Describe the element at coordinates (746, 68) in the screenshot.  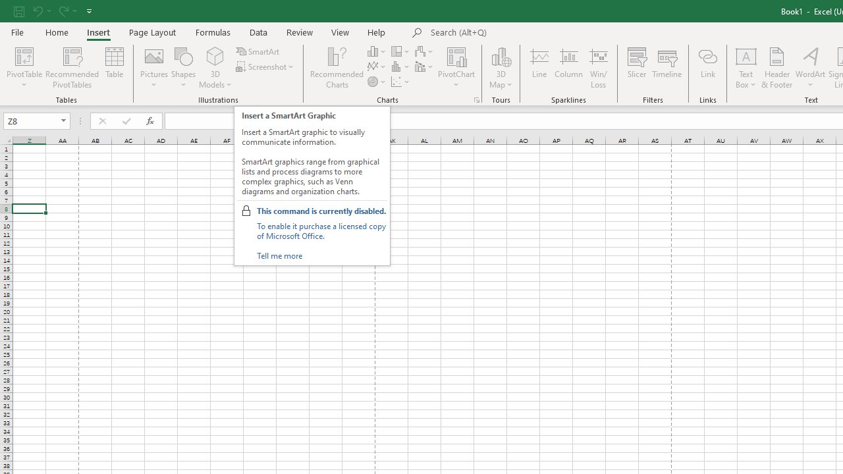
I see `'Text Box'` at that location.